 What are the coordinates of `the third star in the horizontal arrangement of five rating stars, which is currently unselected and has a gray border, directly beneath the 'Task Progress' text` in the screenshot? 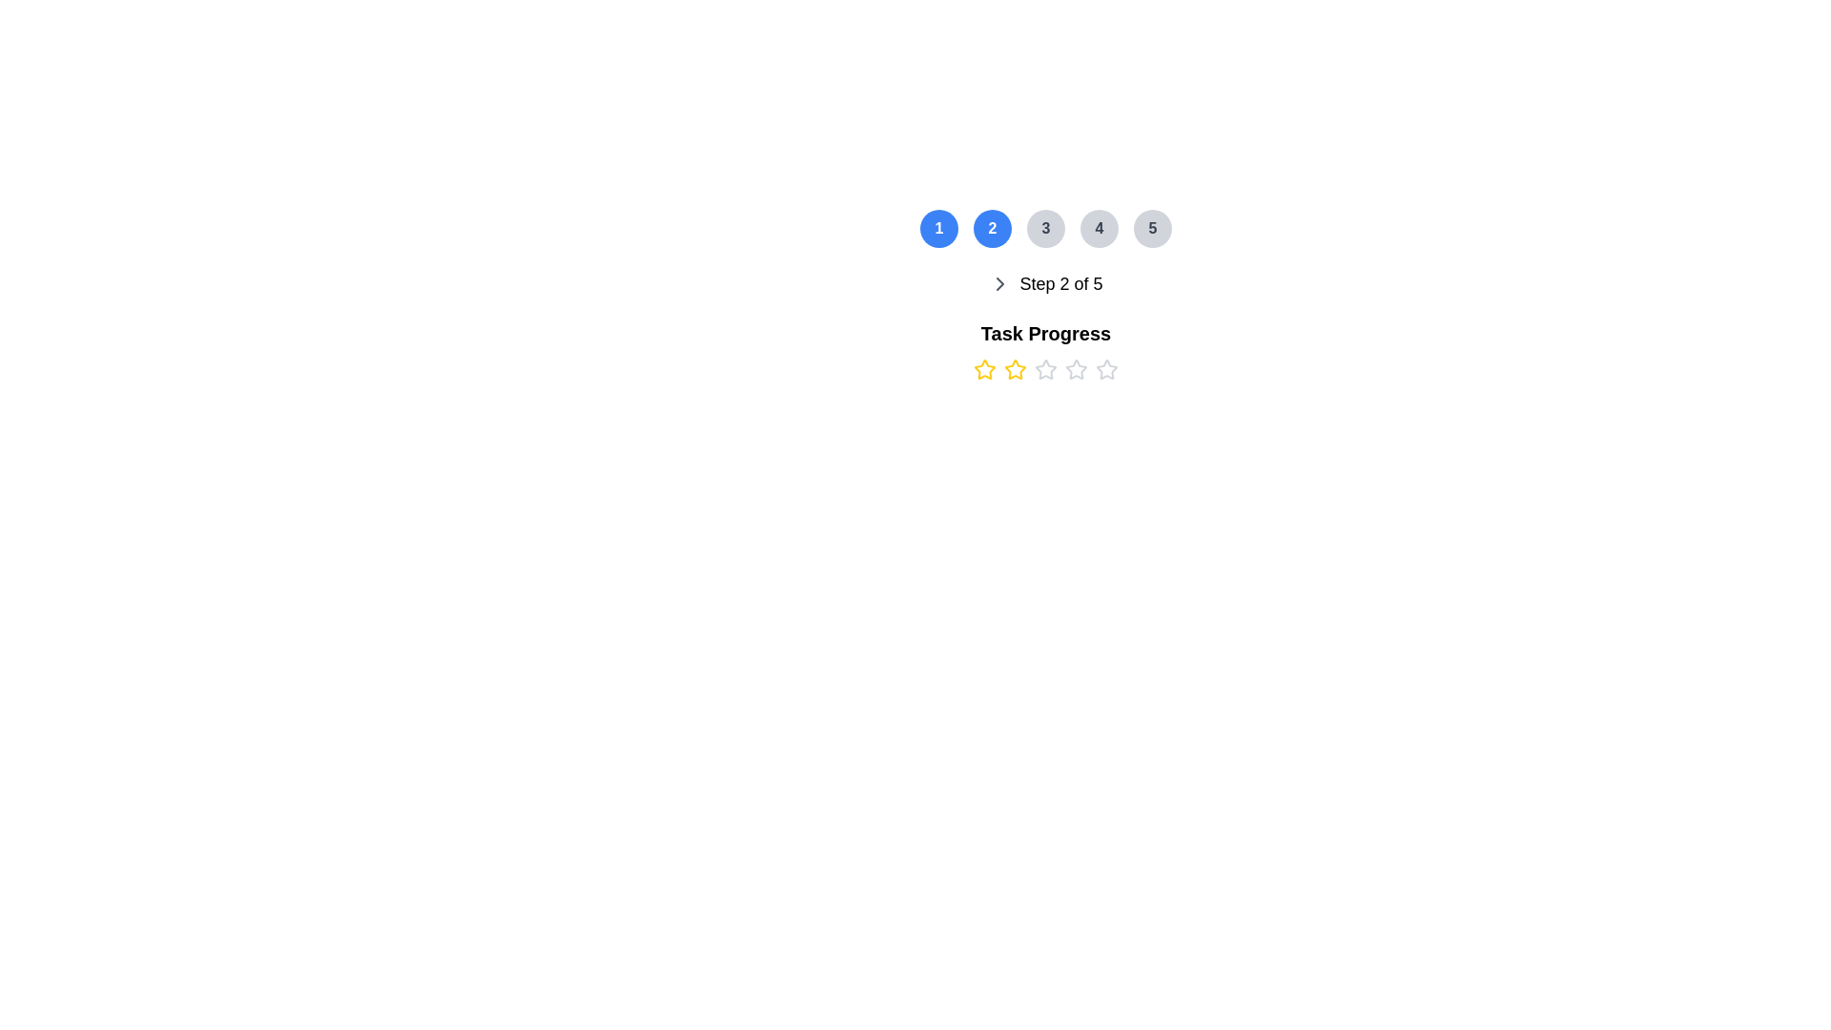 It's located at (1045, 370).